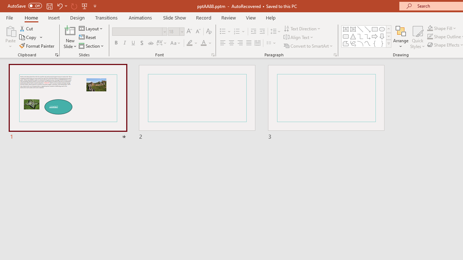  What do you see at coordinates (49, 6) in the screenshot?
I see `'Save'` at bounding box center [49, 6].